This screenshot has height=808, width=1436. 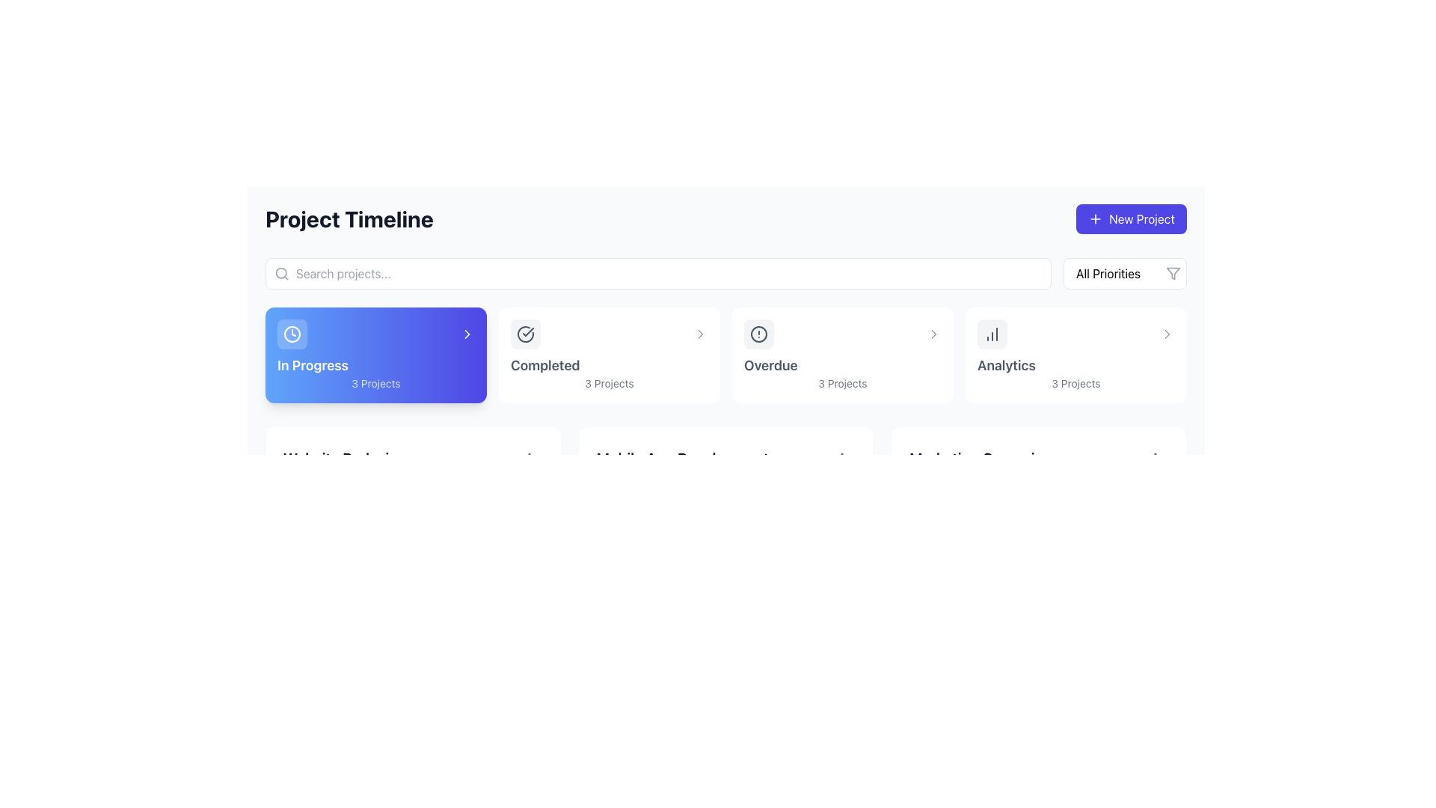 What do you see at coordinates (758, 334) in the screenshot?
I see `the alert icon embedded within a rounded gray background located next to the 'Overdue' title` at bounding box center [758, 334].